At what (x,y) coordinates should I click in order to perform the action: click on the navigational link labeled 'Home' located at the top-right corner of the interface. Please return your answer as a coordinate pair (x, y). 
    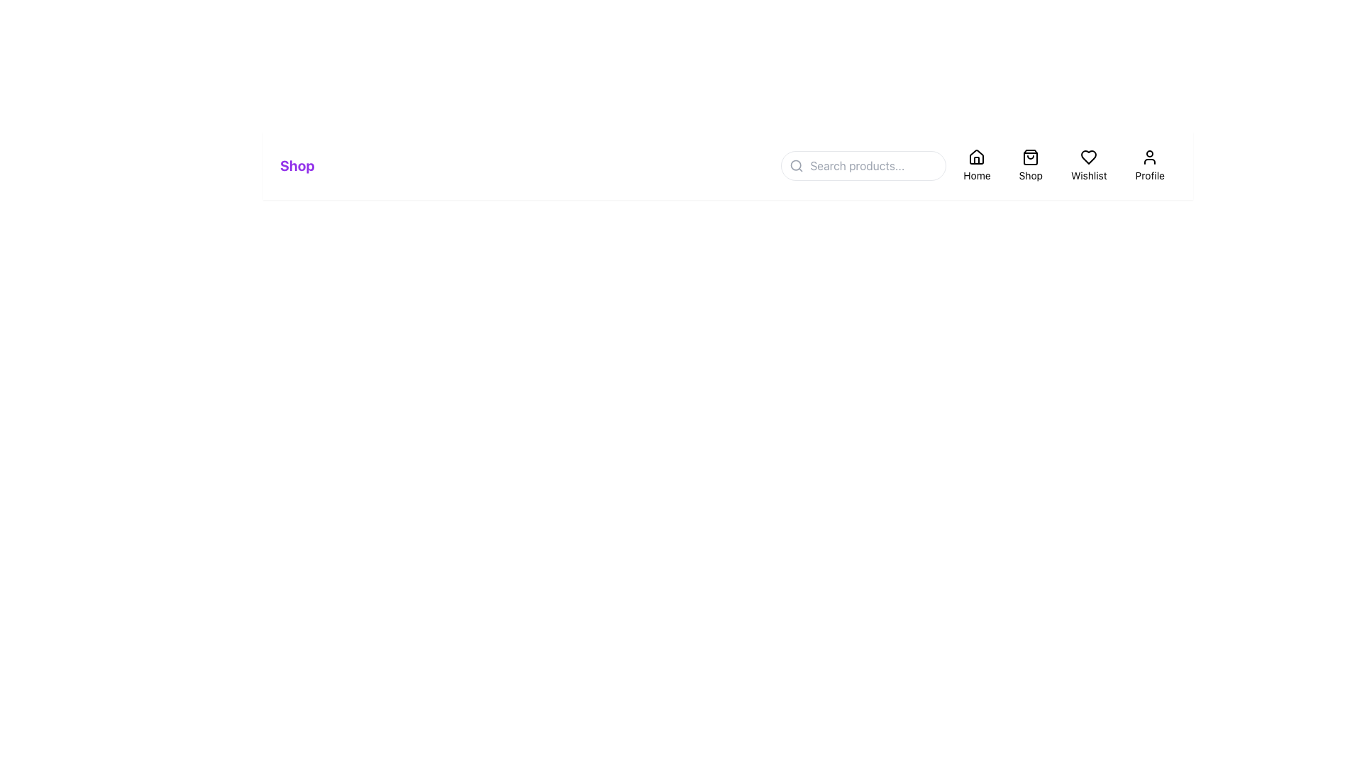
    Looking at the image, I should click on (978, 165).